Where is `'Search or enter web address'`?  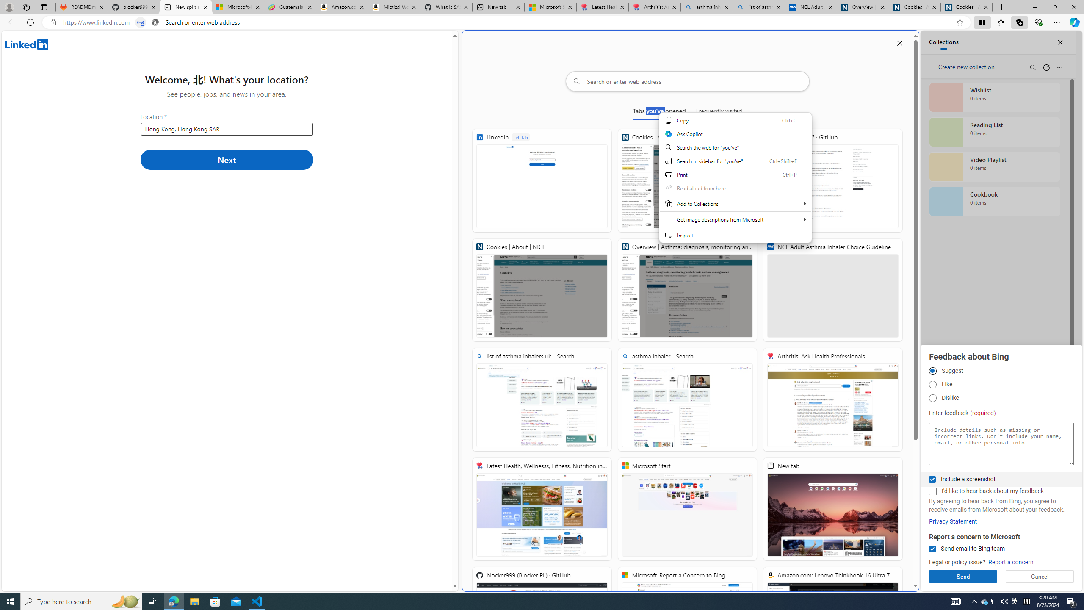 'Search or enter web address' is located at coordinates (687, 81).